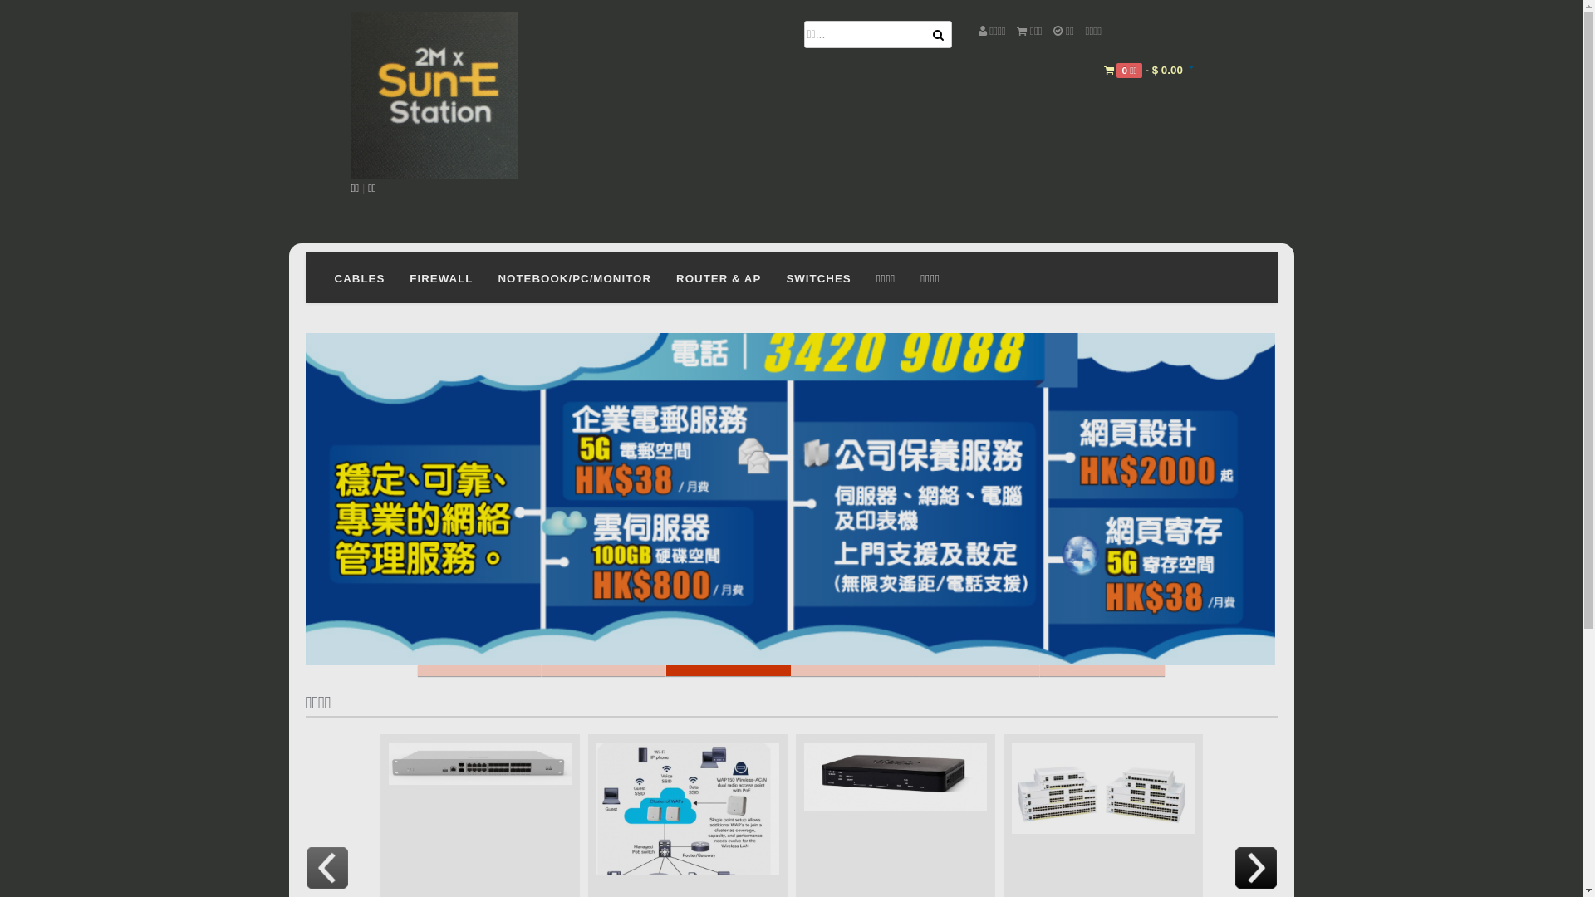  I want to click on 'NOTEBOOK/PC/MONITOR', so click(574, 277).